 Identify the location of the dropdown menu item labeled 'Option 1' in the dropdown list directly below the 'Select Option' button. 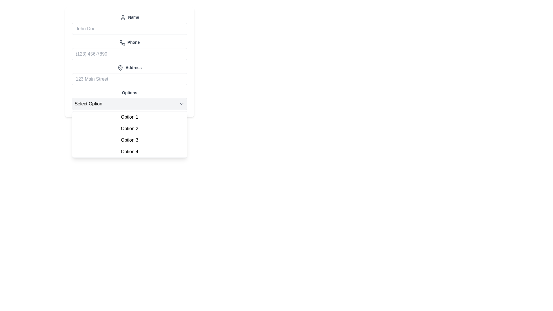
(129, 117).